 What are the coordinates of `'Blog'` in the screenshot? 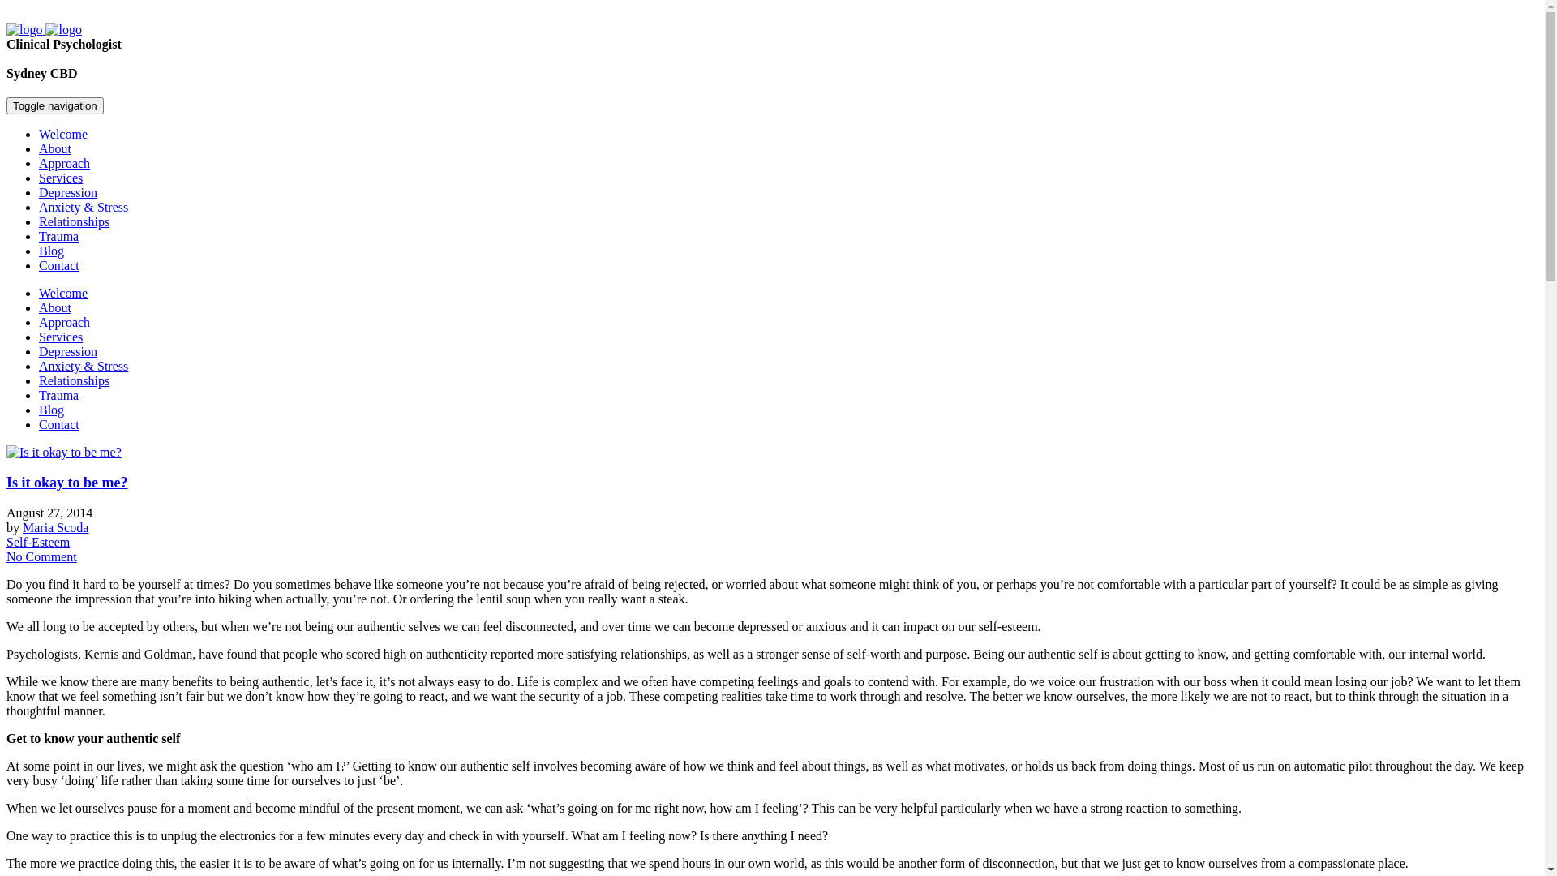 It's located at (51, 409).